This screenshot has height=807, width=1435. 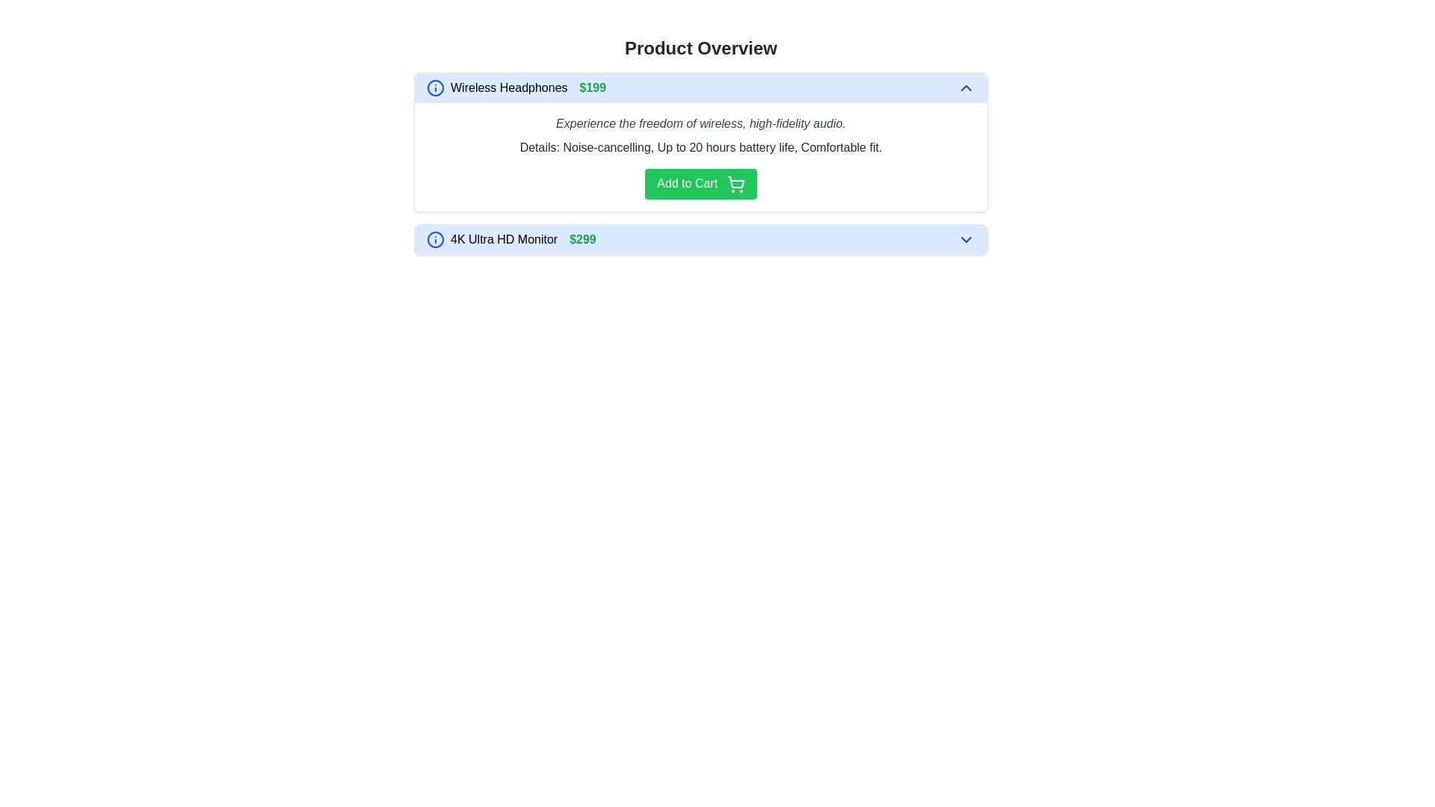 What do you see at coordinates (966, 88) in the screenshot?
I see `the toggle button located at the far-right of the header section labeled 'Wireless Headphones $199'` at bounding box center [966, 88].